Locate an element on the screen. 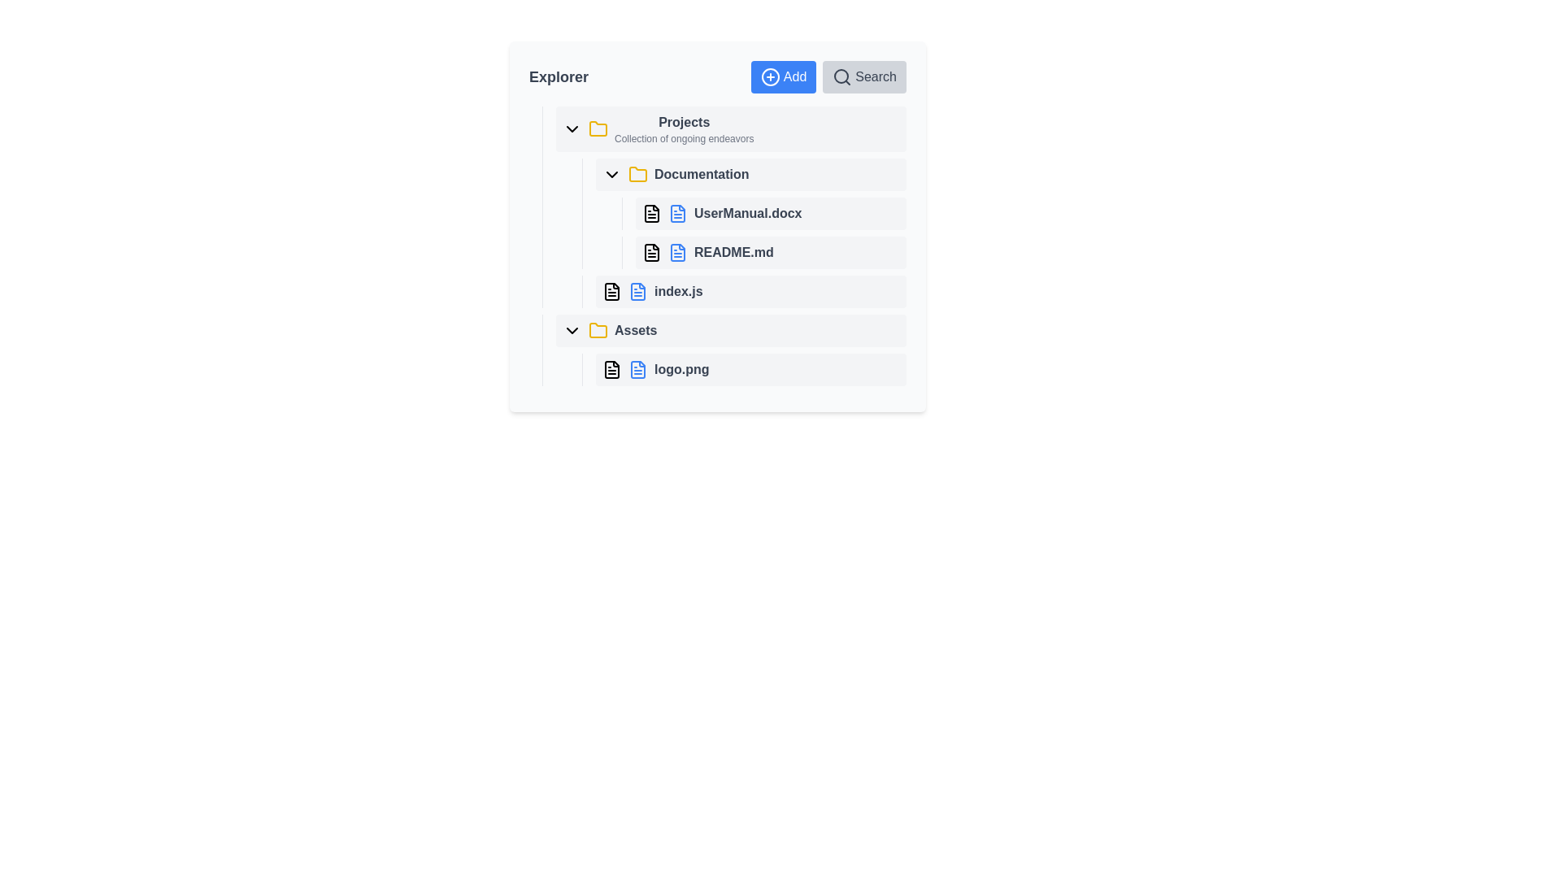 Image resolution: width=1561 pixels, height=878 pixels. the icon representing the file 'UserManual.docx' located in the 'Documentation' folder in the file explorer interface is located at coordinates (651, 212).